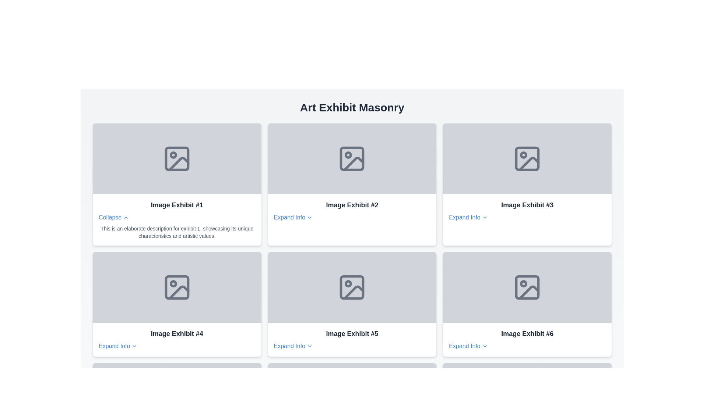 The image size is (707, 397). What do you see at coordinates (177, 158) in the screenshot?
I see `the Image Placeholder element with a gray background and a minimalistic landscape icon, located in the first column of the top row in the 'Image Exhibit #1' card layout` at bounding box center [177, 158].